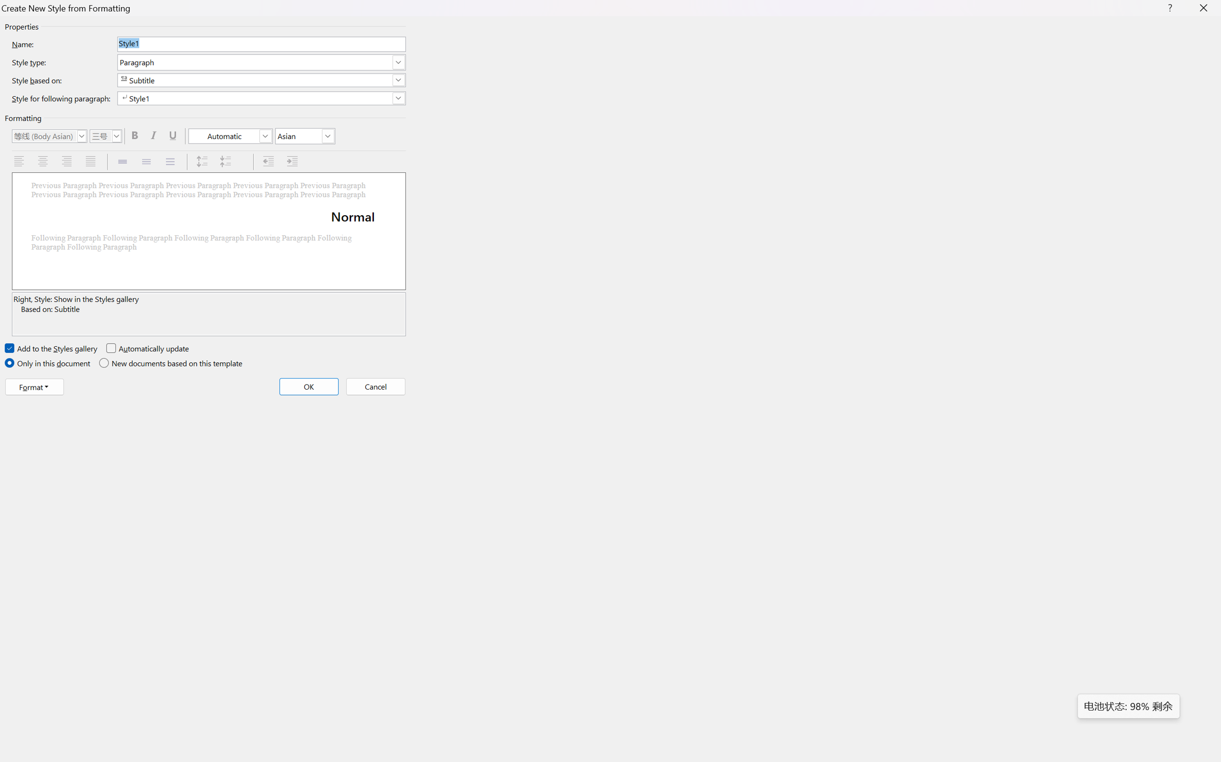 The height and width of the screenshot is (762, 1221). I want to click on 'Italic', so click(155, 135).